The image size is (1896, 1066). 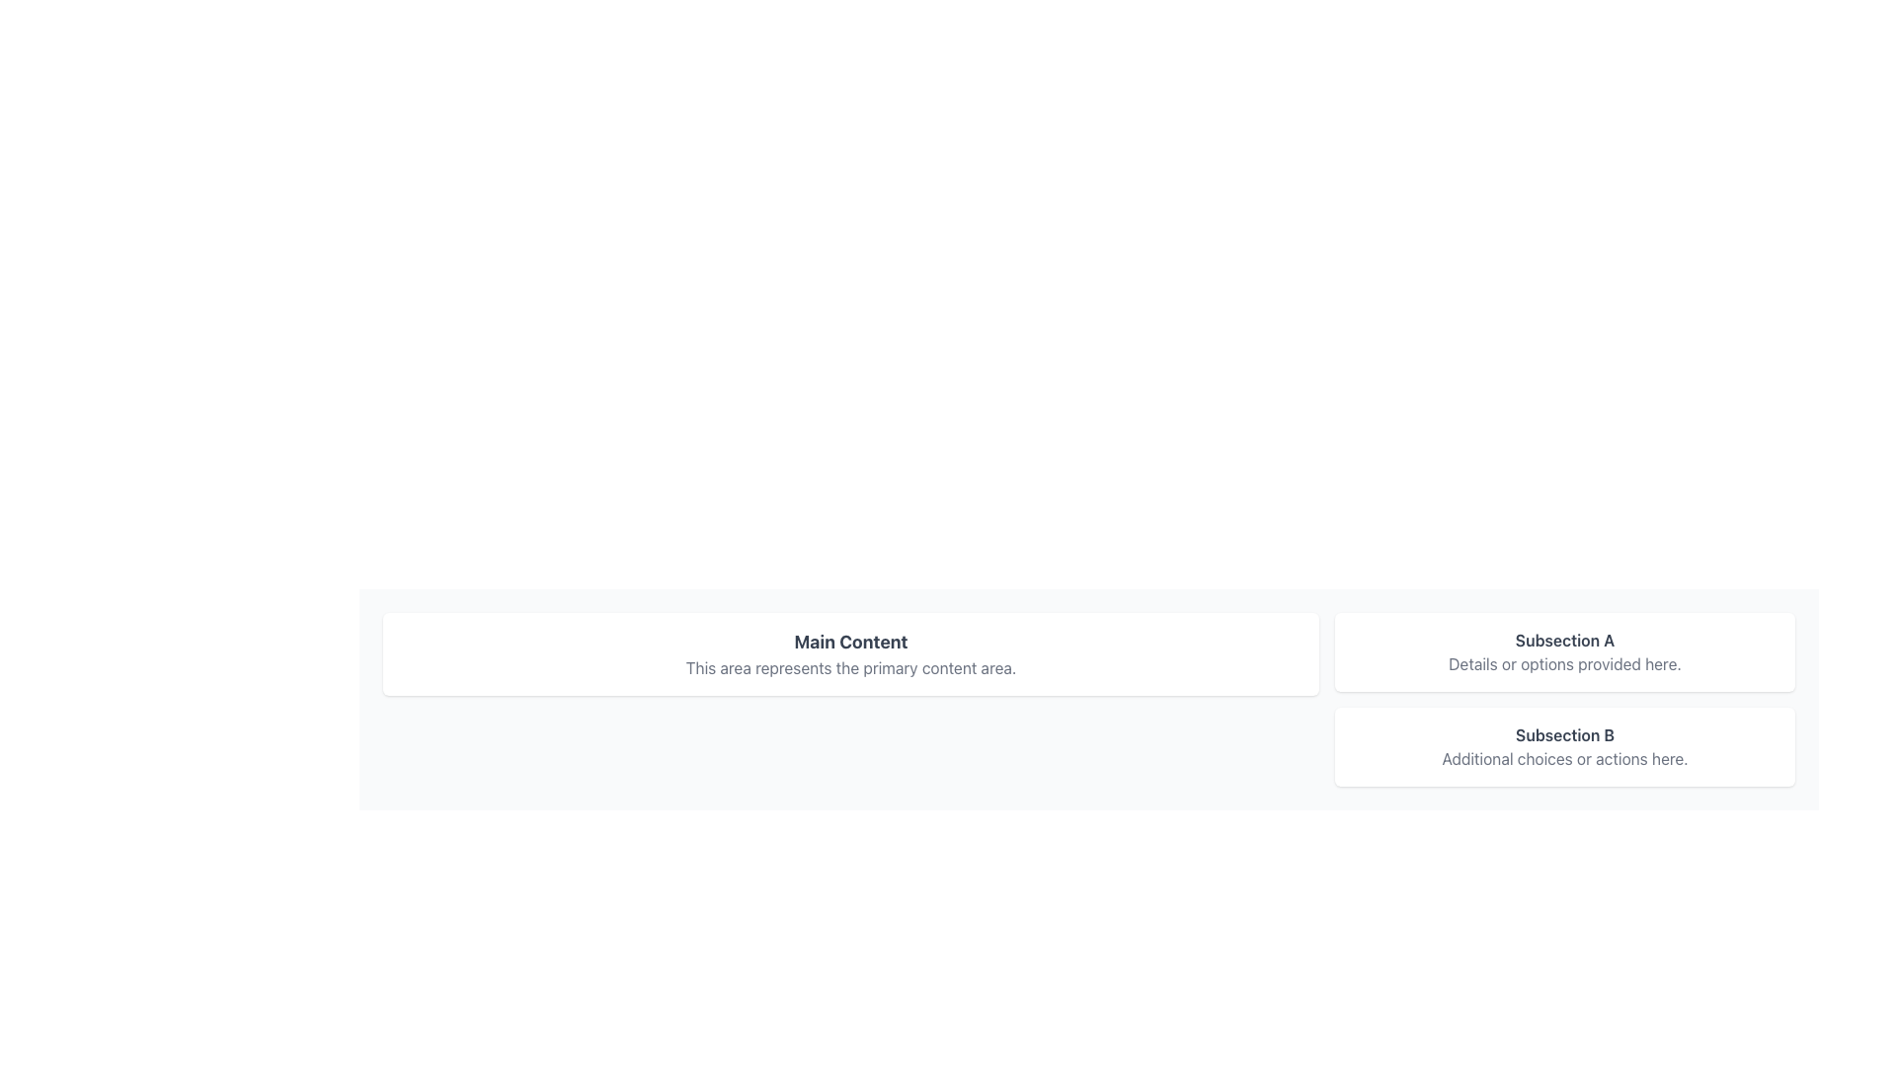 What do you see at coordinates (1563, 746) in the screenshot?
I see `text content of the Section card labeled 'Subsection B' located in the bottom-right corner of the interface` at bounding box center [1563, 746].